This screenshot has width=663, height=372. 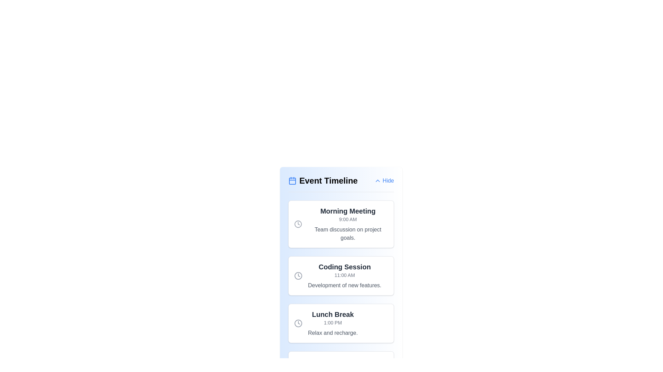 What do you see at coordinates (345, 276) in the screenshot?
I see `the Text display component featuring the title 'Coding Session', the time '11:00 AM', and the description 'Development of new features.' located in the second card of the vertical timeline interface` at bounding box center [345, 276].